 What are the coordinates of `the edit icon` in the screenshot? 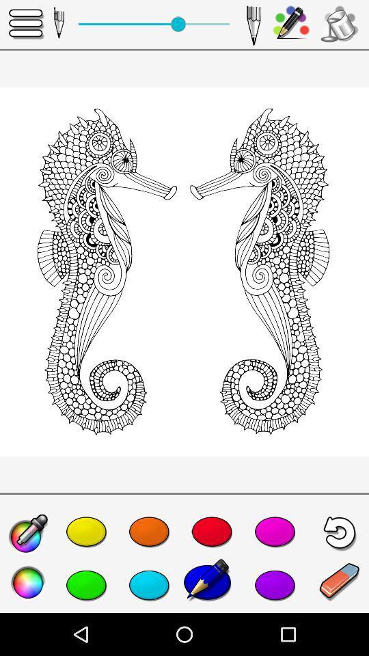 It's located at (339, 581).